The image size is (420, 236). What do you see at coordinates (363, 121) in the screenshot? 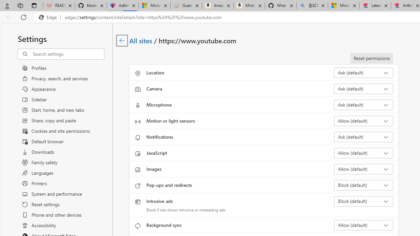
I see `'Motion or light sensors Allow (default)'` at bounding box center [363, 121].